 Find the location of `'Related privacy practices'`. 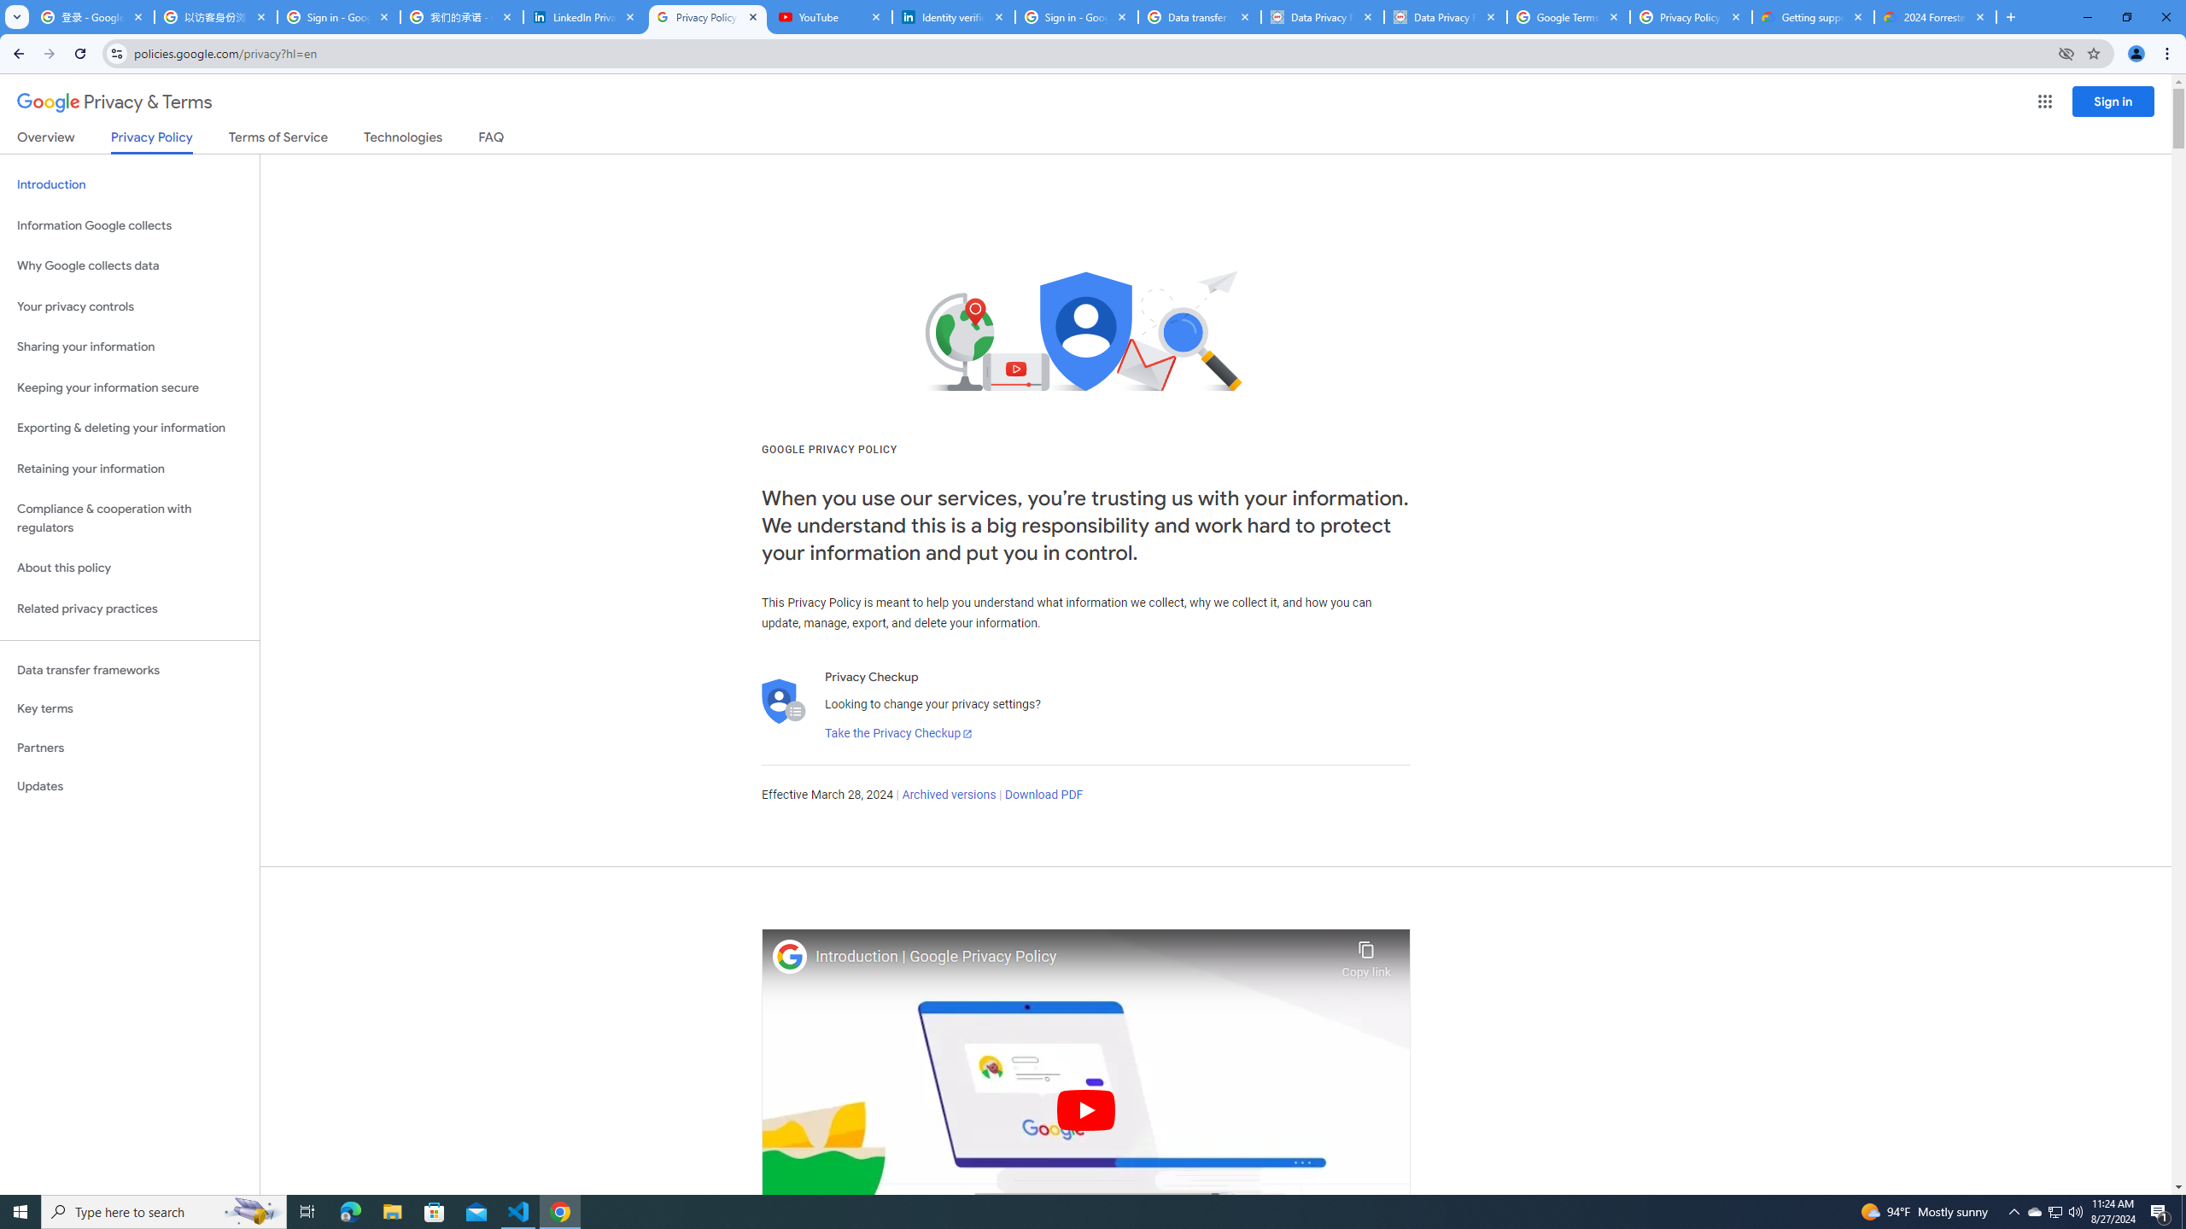

'Related privacy practices' is located at coordinates (129, 608).